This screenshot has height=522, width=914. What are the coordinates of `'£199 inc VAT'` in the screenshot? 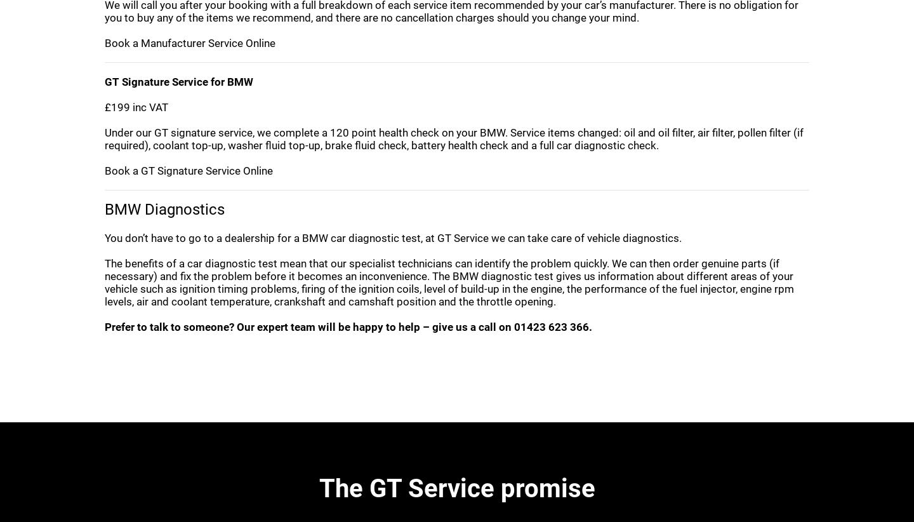 It's located at (136, 106).